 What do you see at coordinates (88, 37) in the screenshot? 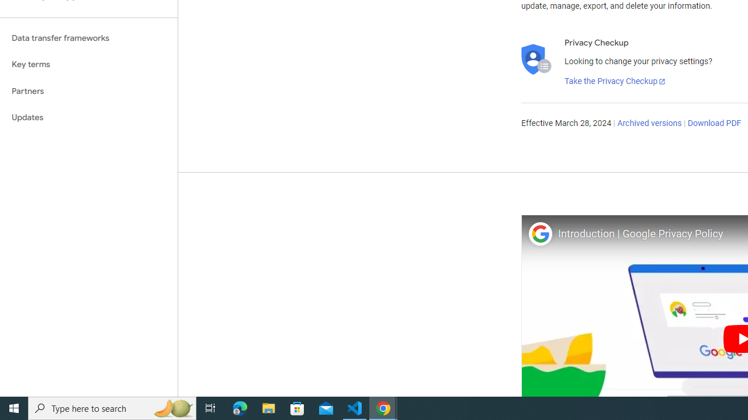
I see `'Data transfer frameworks'` at bounding box center [88, 37].